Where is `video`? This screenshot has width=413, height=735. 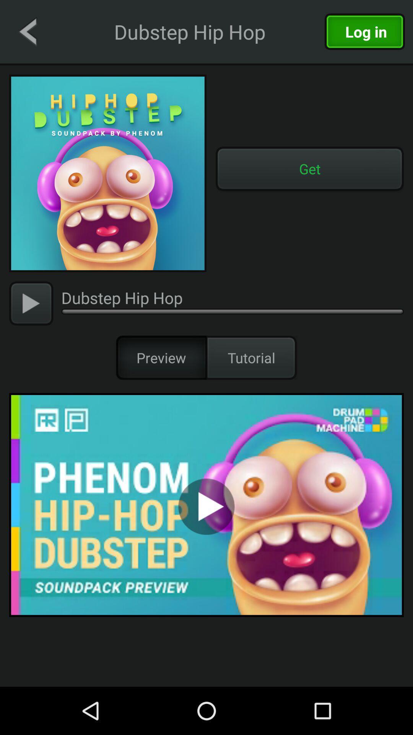 video is located at coordinates (206, 505).